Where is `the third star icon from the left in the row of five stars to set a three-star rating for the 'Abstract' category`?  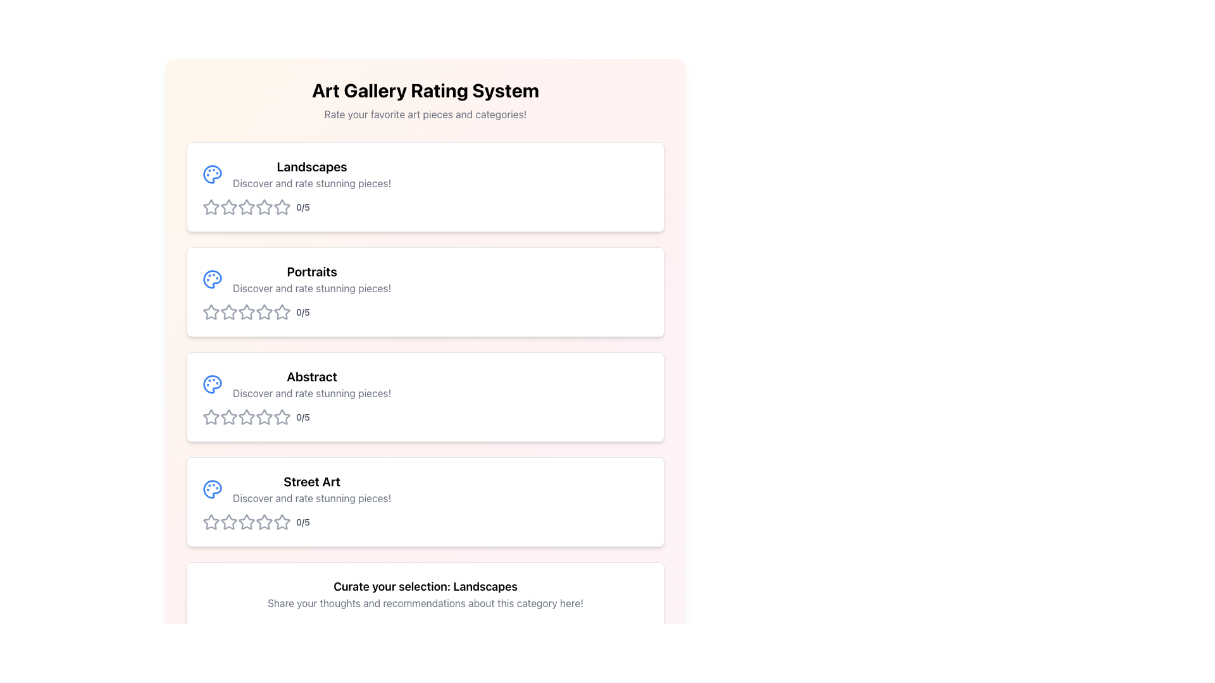 the third star icon from the left in the row of five stars to set a three-star rating for the 'Abstract' category is located at coordinates (228, 417).